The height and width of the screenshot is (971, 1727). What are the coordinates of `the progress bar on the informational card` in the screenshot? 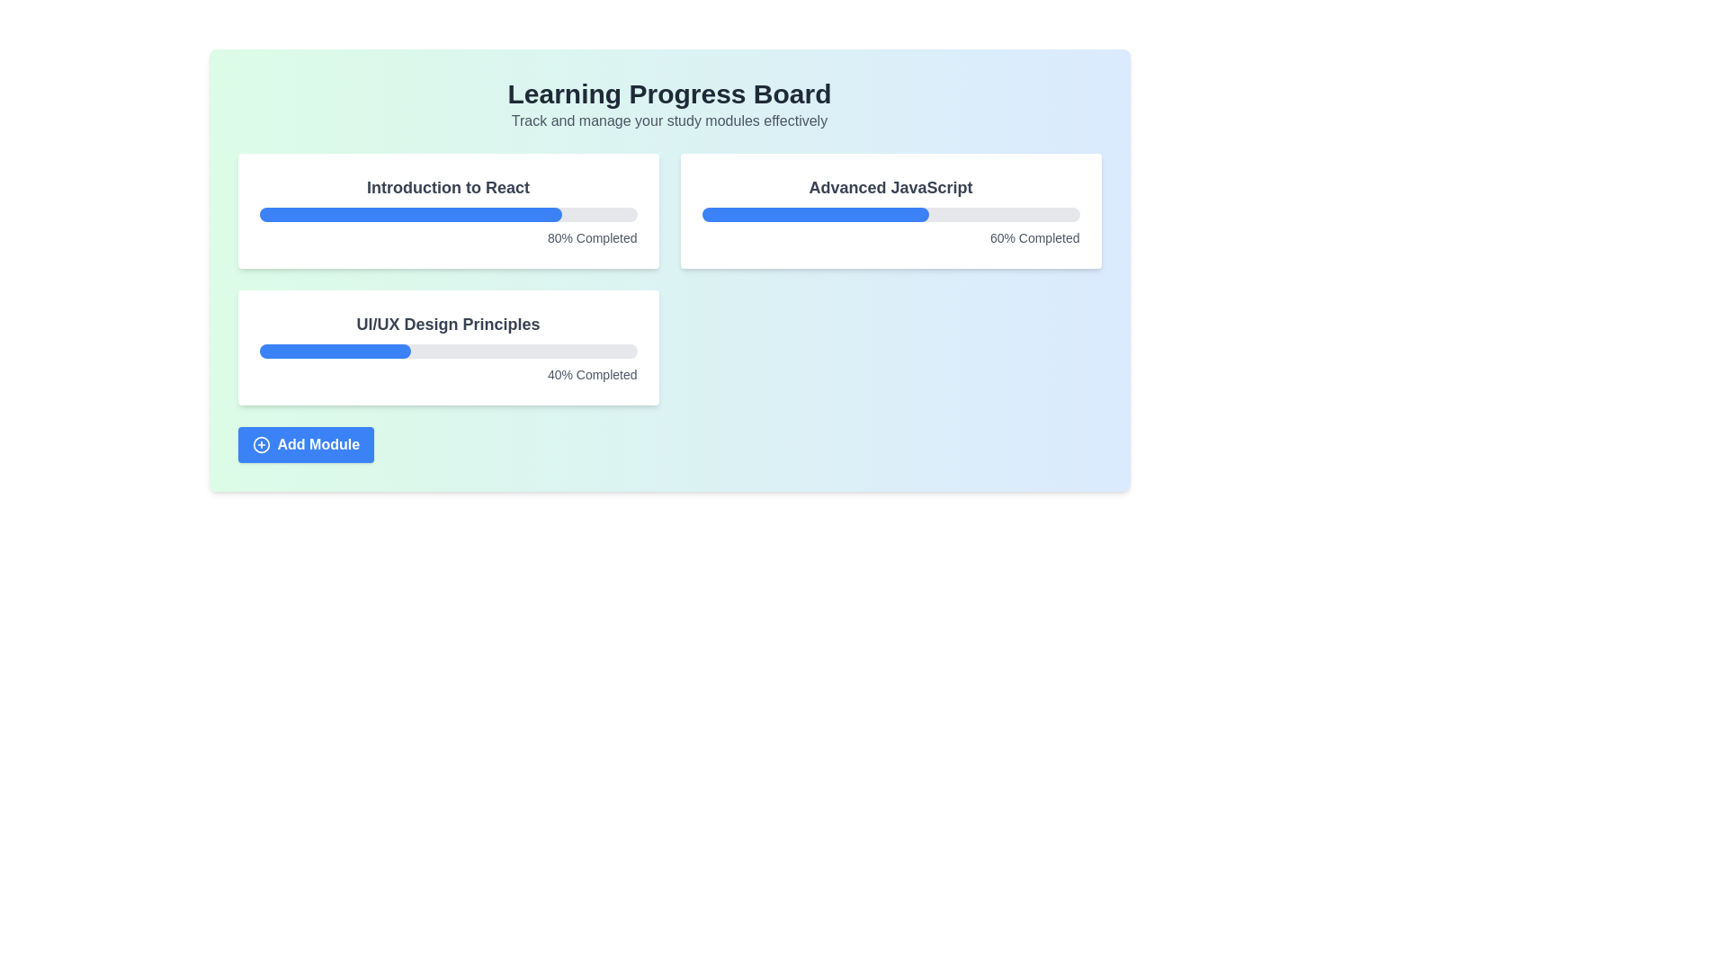 It's located at (890, 210).